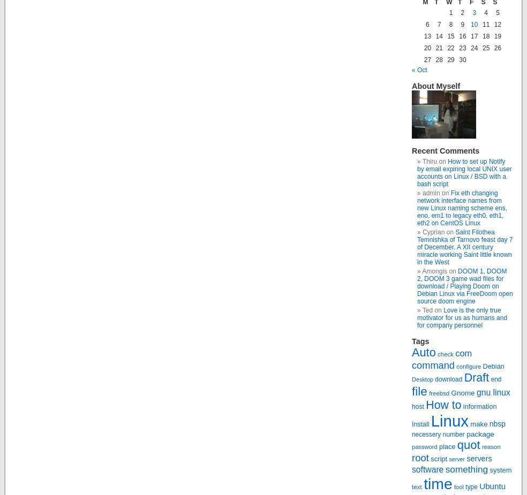 Image resolution: width=527 pixels, height=495 pixels. What do you see at coordinates (485, 24) in the screenshot?
I see `'11'` at bounding box center [485, 24].